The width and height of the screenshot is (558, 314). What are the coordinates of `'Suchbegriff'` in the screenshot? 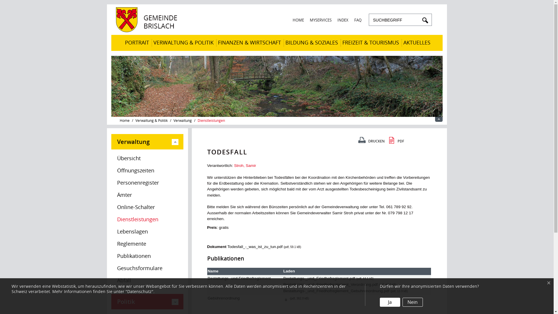 It's located at (395, 20).